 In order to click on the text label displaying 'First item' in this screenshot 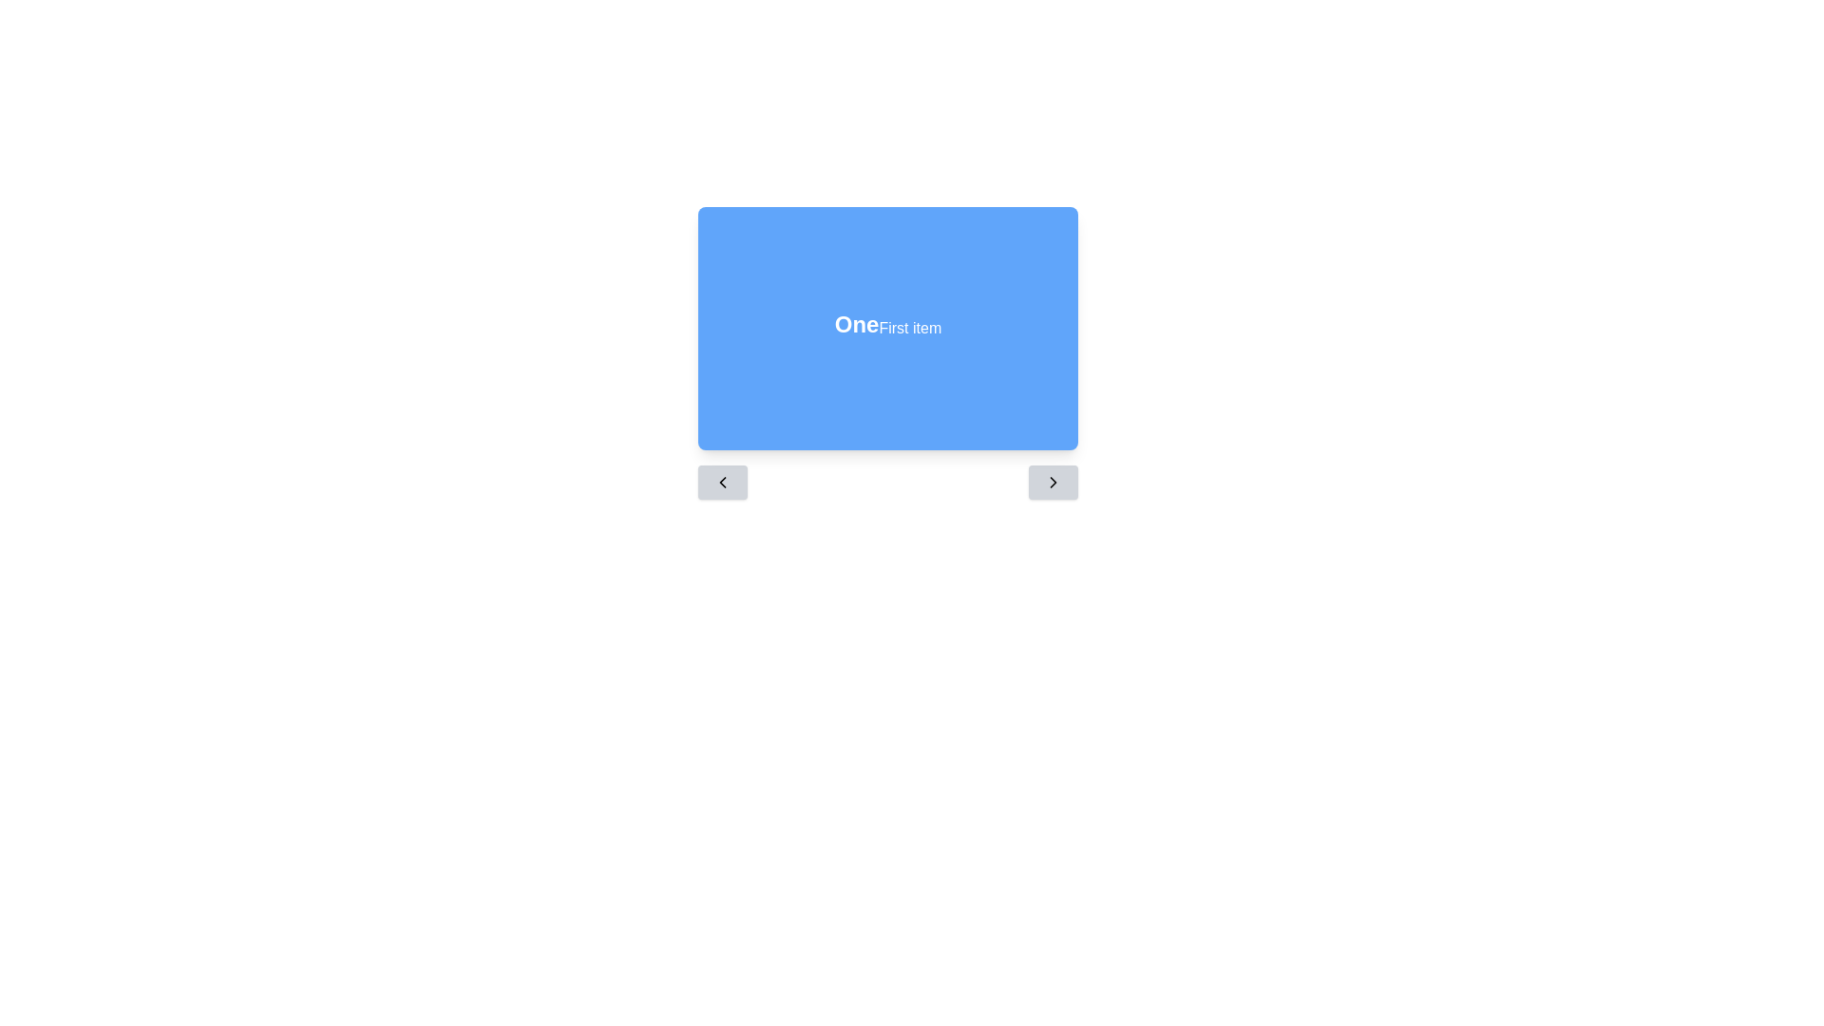, I will do `click(909, 328)`.